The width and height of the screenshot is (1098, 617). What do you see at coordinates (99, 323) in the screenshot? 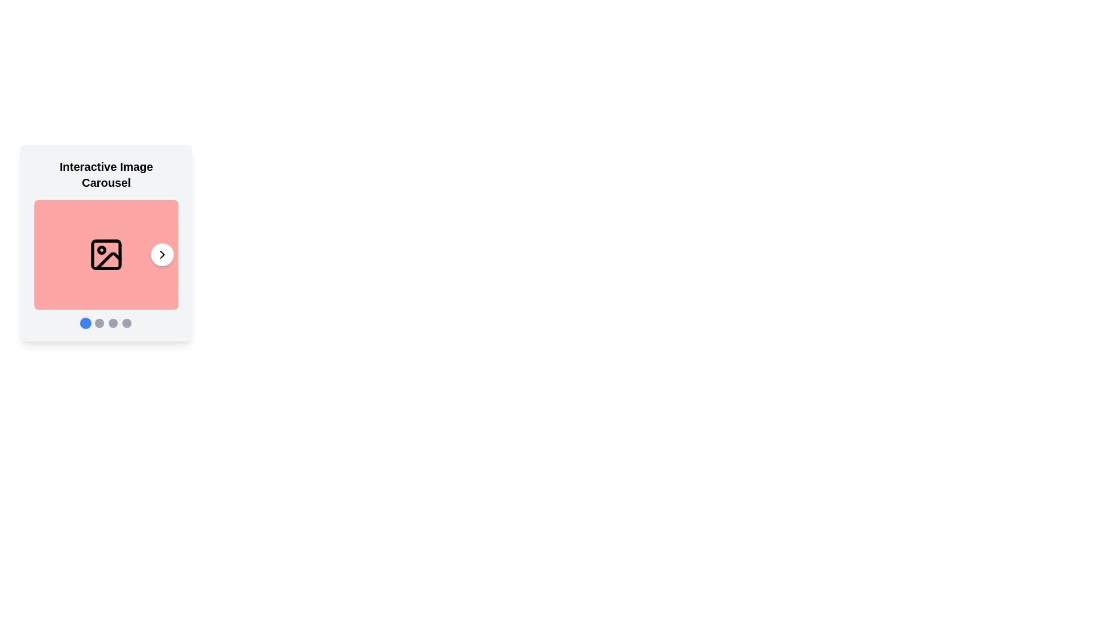
I see `the second circular gray button, which is part of a group of four buttons below a large image area` at bounding box center [99, 323].